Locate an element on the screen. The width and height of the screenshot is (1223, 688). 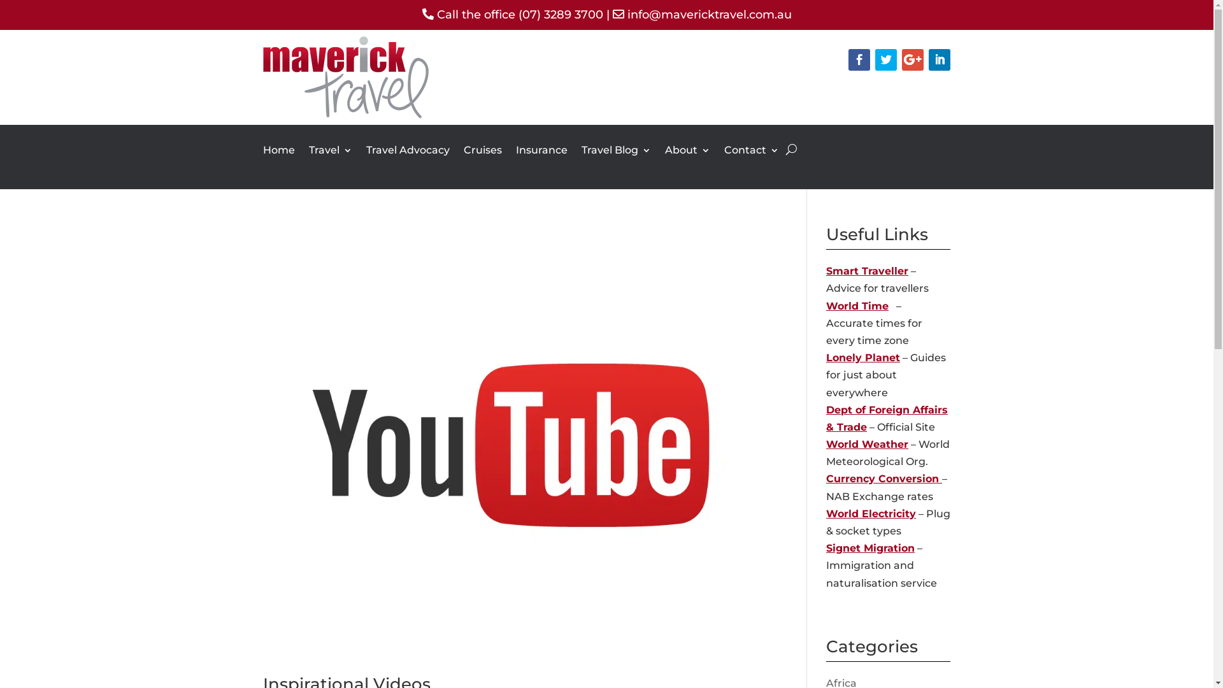
'Follow on LinkedIn' is located at coordinates (939, 59).